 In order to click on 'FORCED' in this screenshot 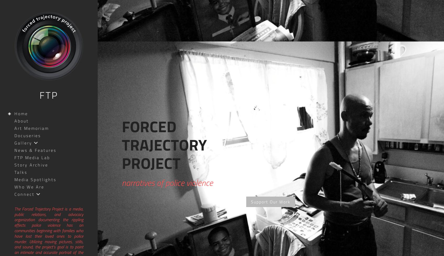, I will do `click(149, 126)`.